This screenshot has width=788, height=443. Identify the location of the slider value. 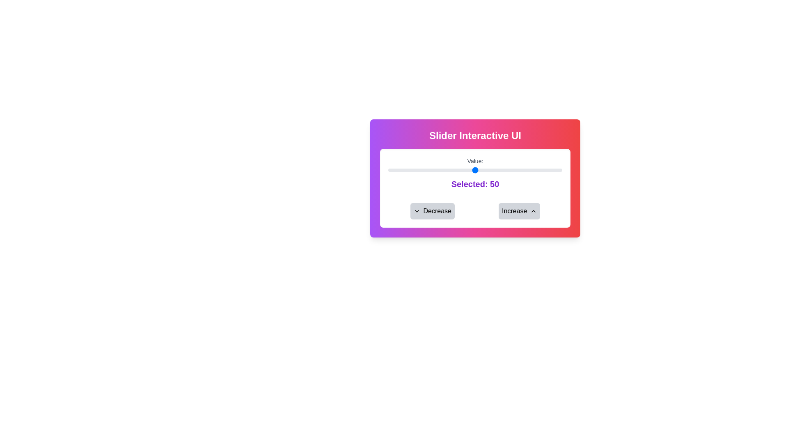
(416, 170).